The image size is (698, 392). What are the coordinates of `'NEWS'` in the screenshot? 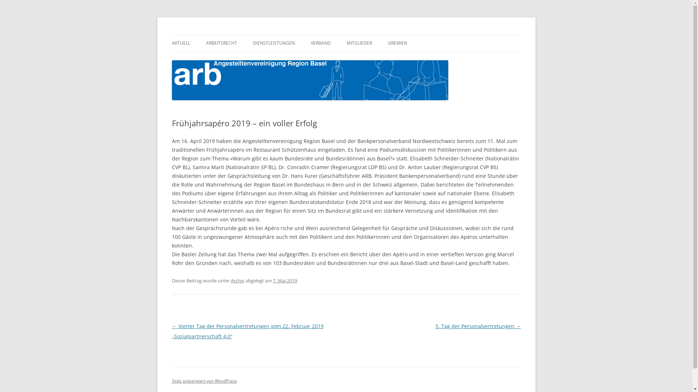 It's located at (207, 58).